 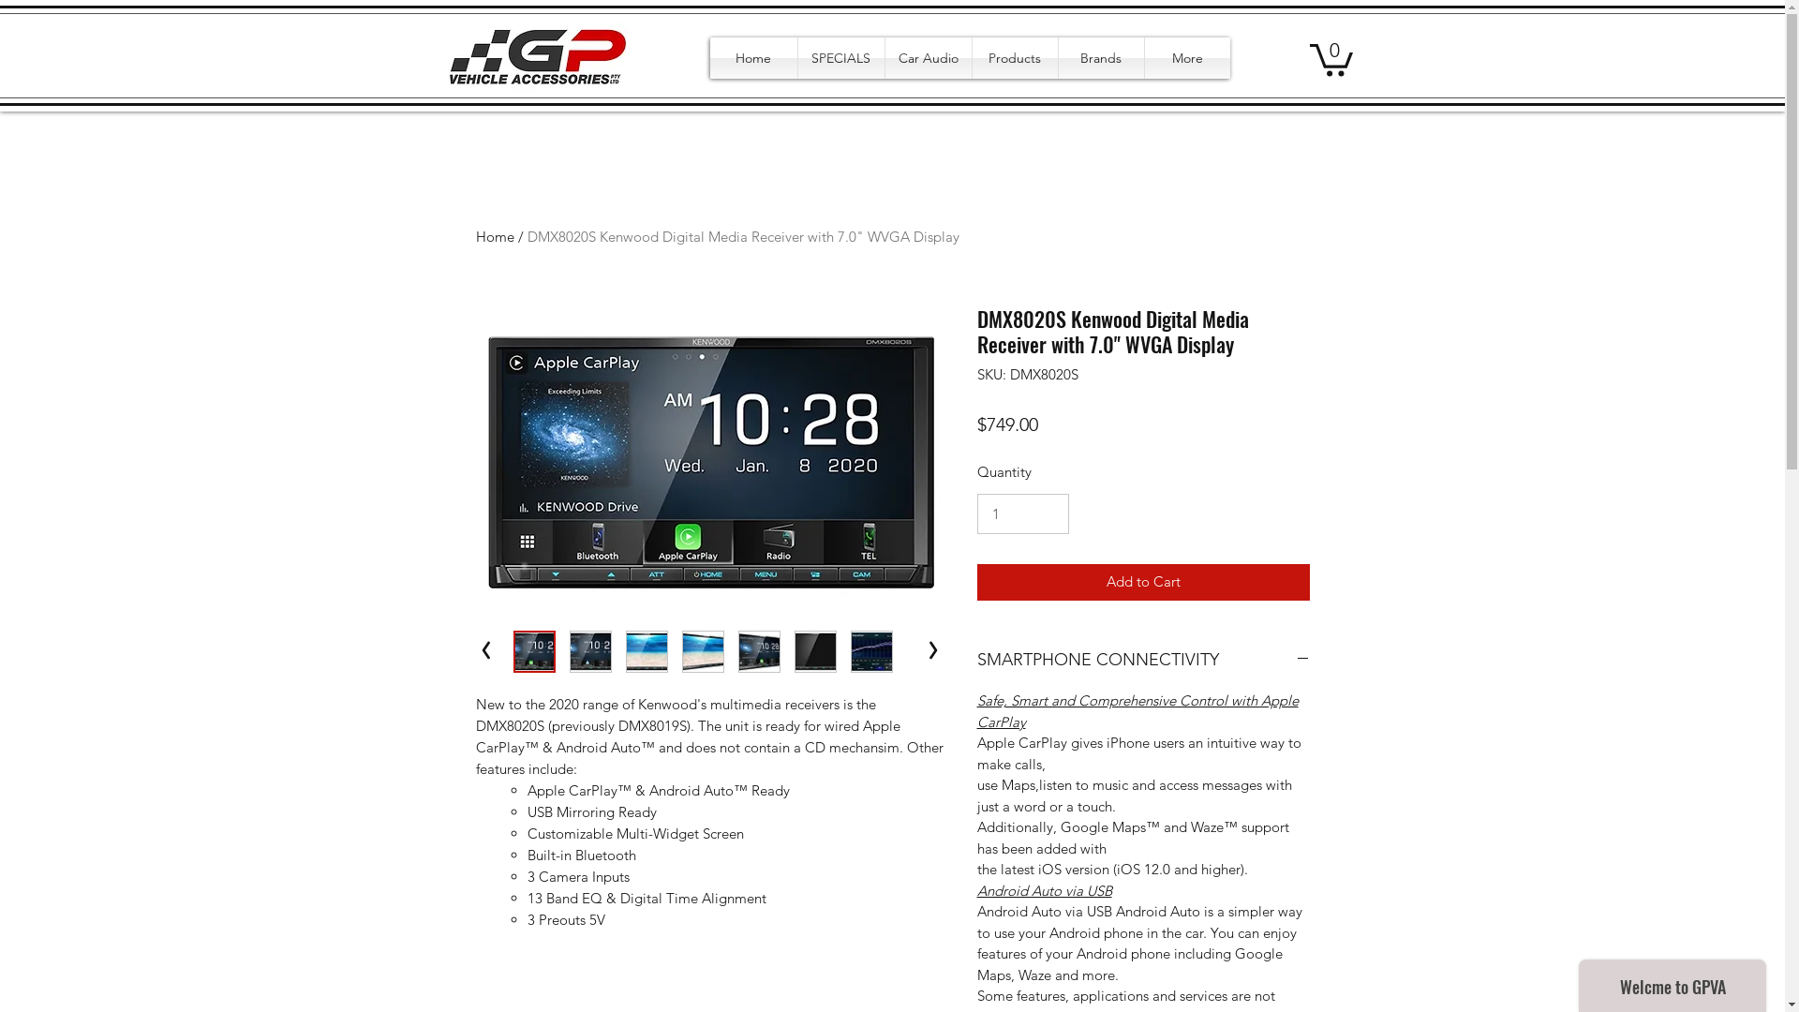 What do you see at coordinates (1330, 57) in the screenshot?
I see `'0'` at bounding box center [1330, 57].